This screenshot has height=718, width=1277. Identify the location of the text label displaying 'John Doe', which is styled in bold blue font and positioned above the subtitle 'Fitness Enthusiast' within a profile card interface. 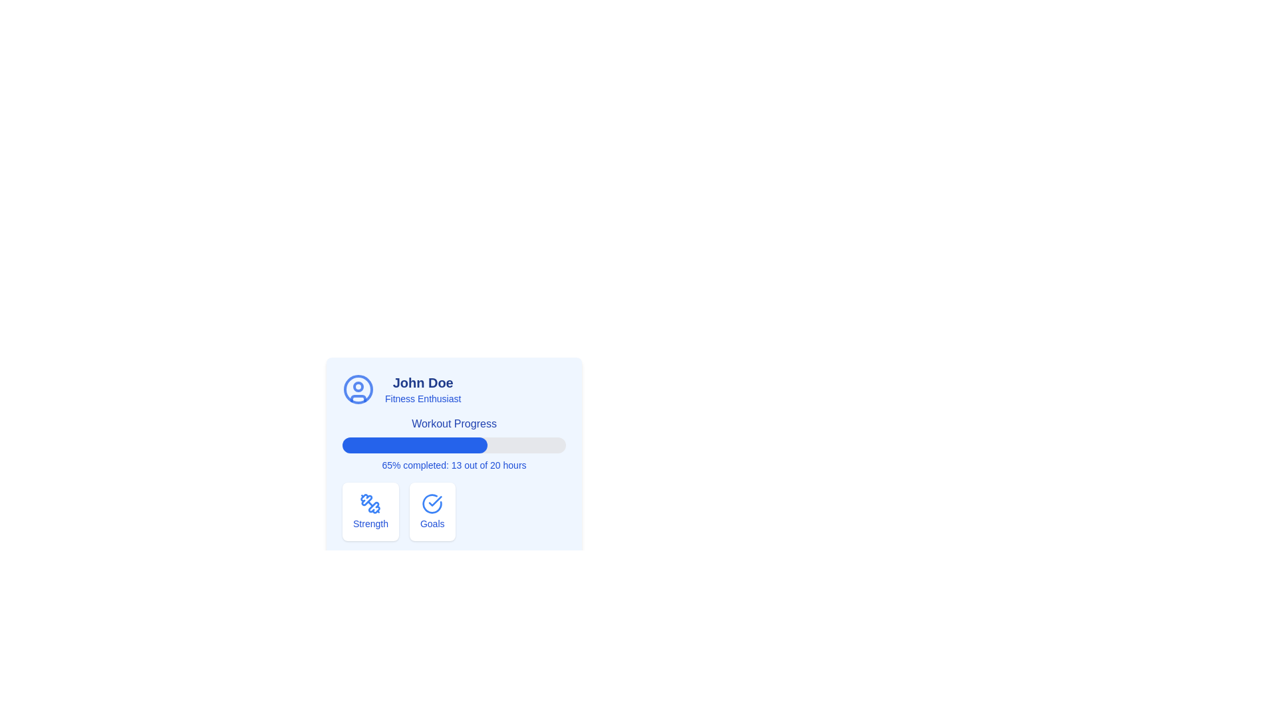
(422, 382).